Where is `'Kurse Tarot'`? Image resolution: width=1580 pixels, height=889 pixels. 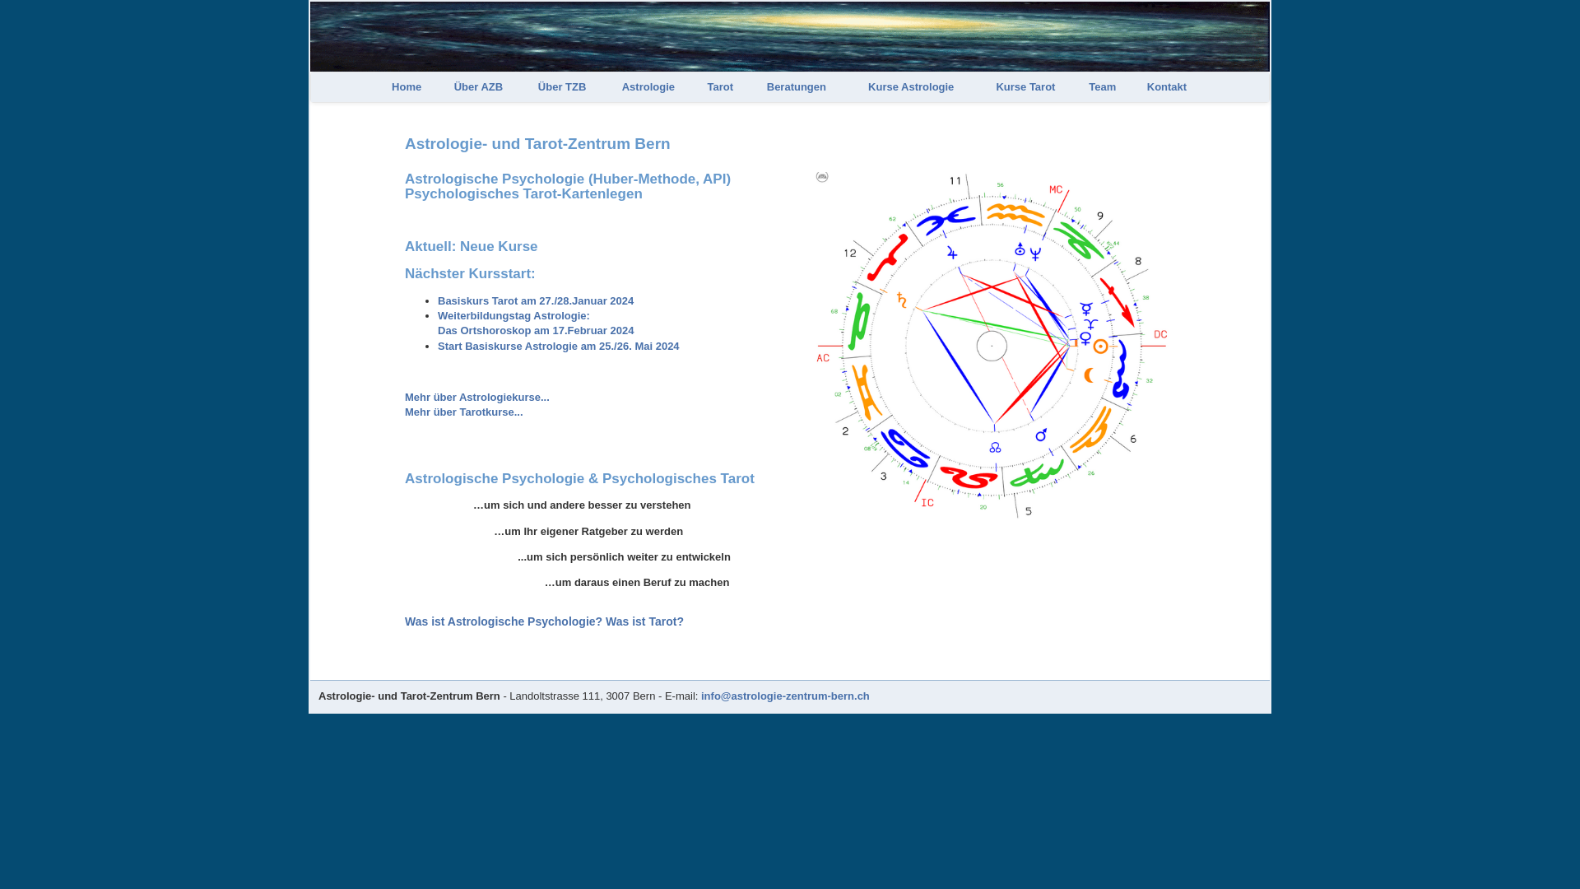
'Kurse Tarot' is located at coordinates (976, 86).